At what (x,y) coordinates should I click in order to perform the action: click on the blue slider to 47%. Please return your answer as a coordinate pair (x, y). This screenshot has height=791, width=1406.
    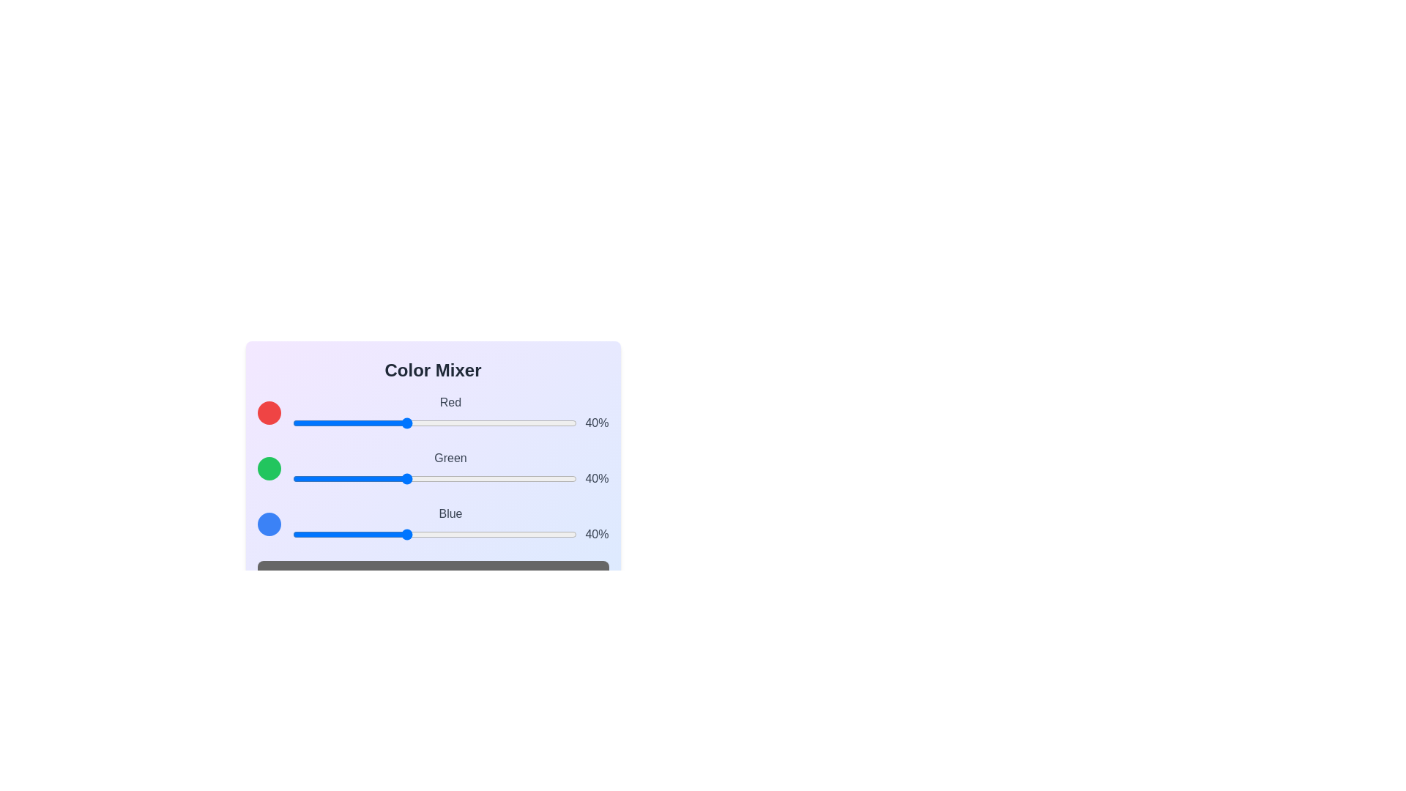
    Looking at the image, I should click on (425, 534).